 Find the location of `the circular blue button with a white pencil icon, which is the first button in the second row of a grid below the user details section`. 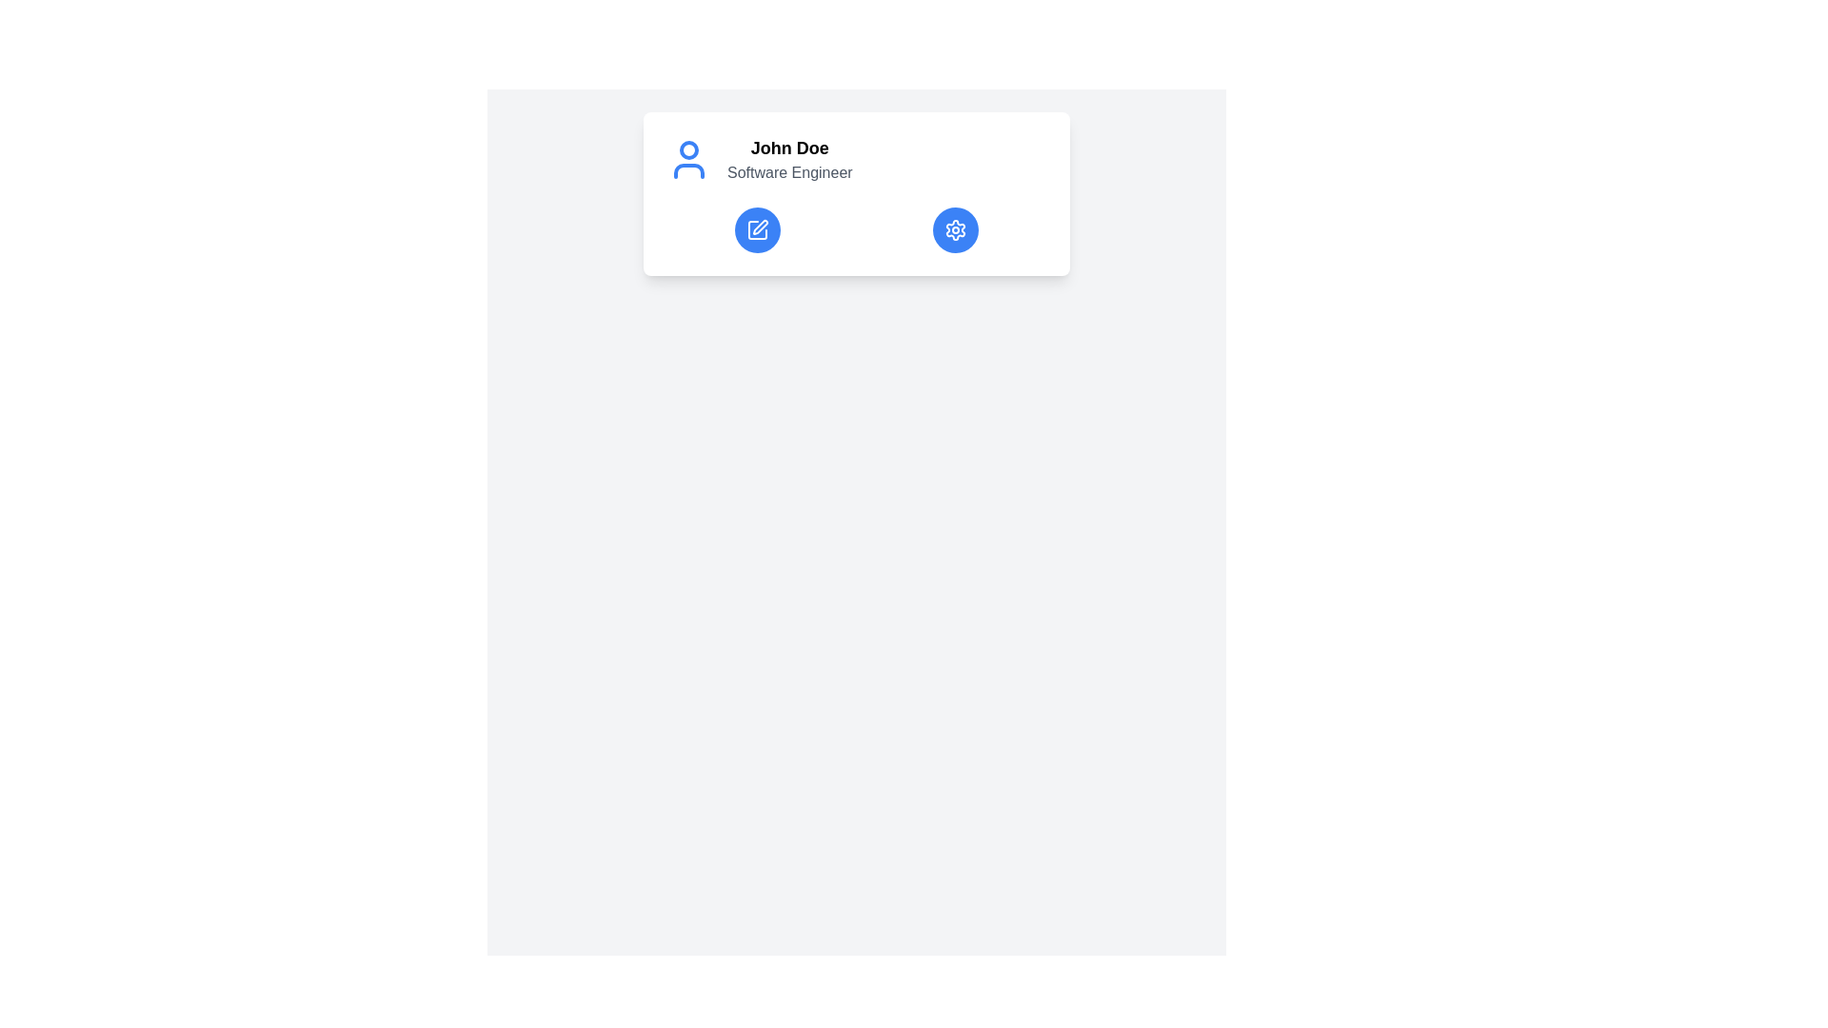

the circular blue button with a white pencil icon, which is the first button in the second row of a grid below the user details section is located at coordinates (757, 229).